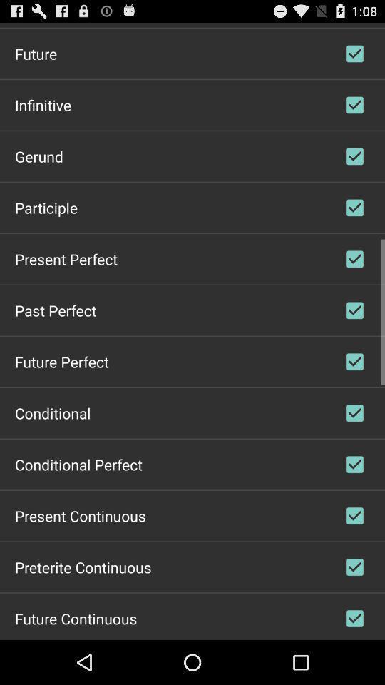 Image resolution: width=385 pixels, height=685 pixels. Describe the element at coordinates (46, 206) in the screenshot. I see `participle item` at that location.